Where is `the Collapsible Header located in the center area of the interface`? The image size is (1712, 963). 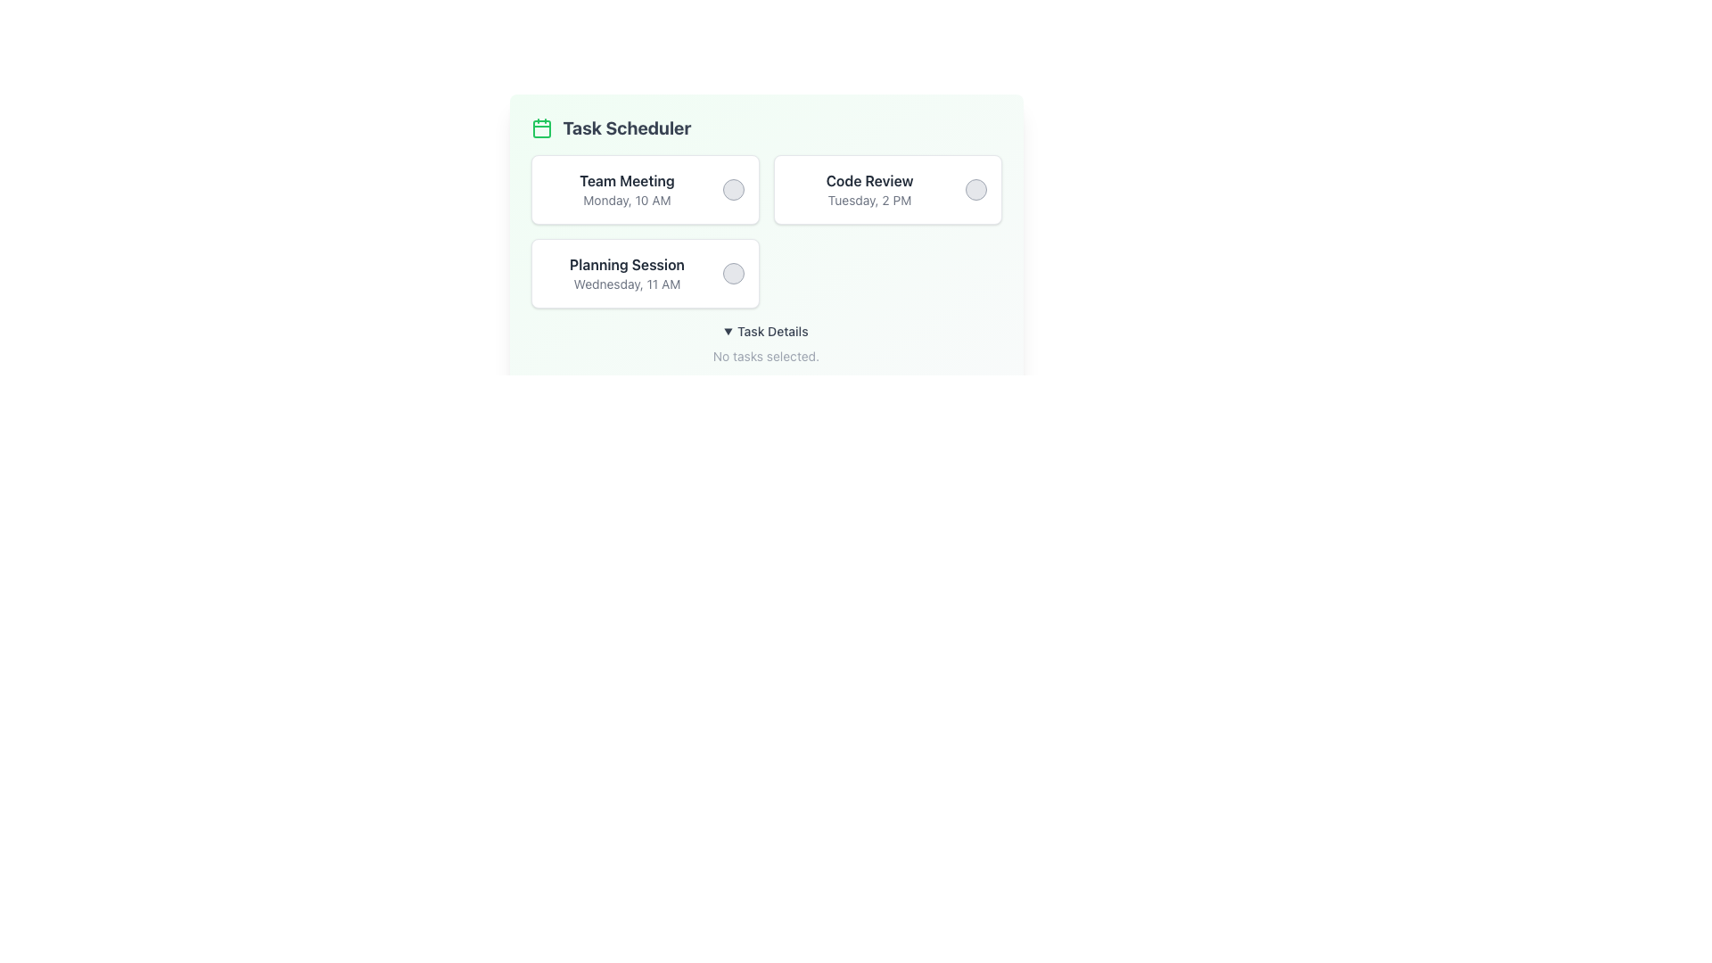
the Collapsible Header located in the center area of the interface is located at coordinates (766, 331).